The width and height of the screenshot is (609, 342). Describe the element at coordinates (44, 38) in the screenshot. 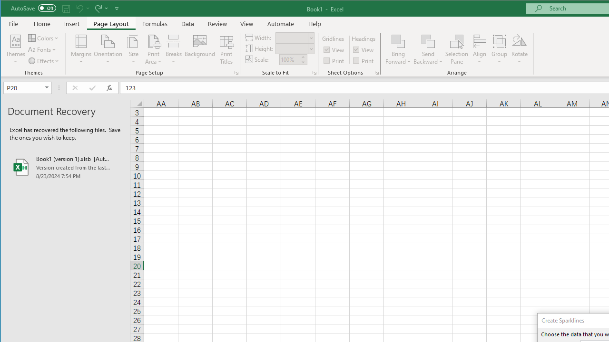

I see `'Colors'` at that location.